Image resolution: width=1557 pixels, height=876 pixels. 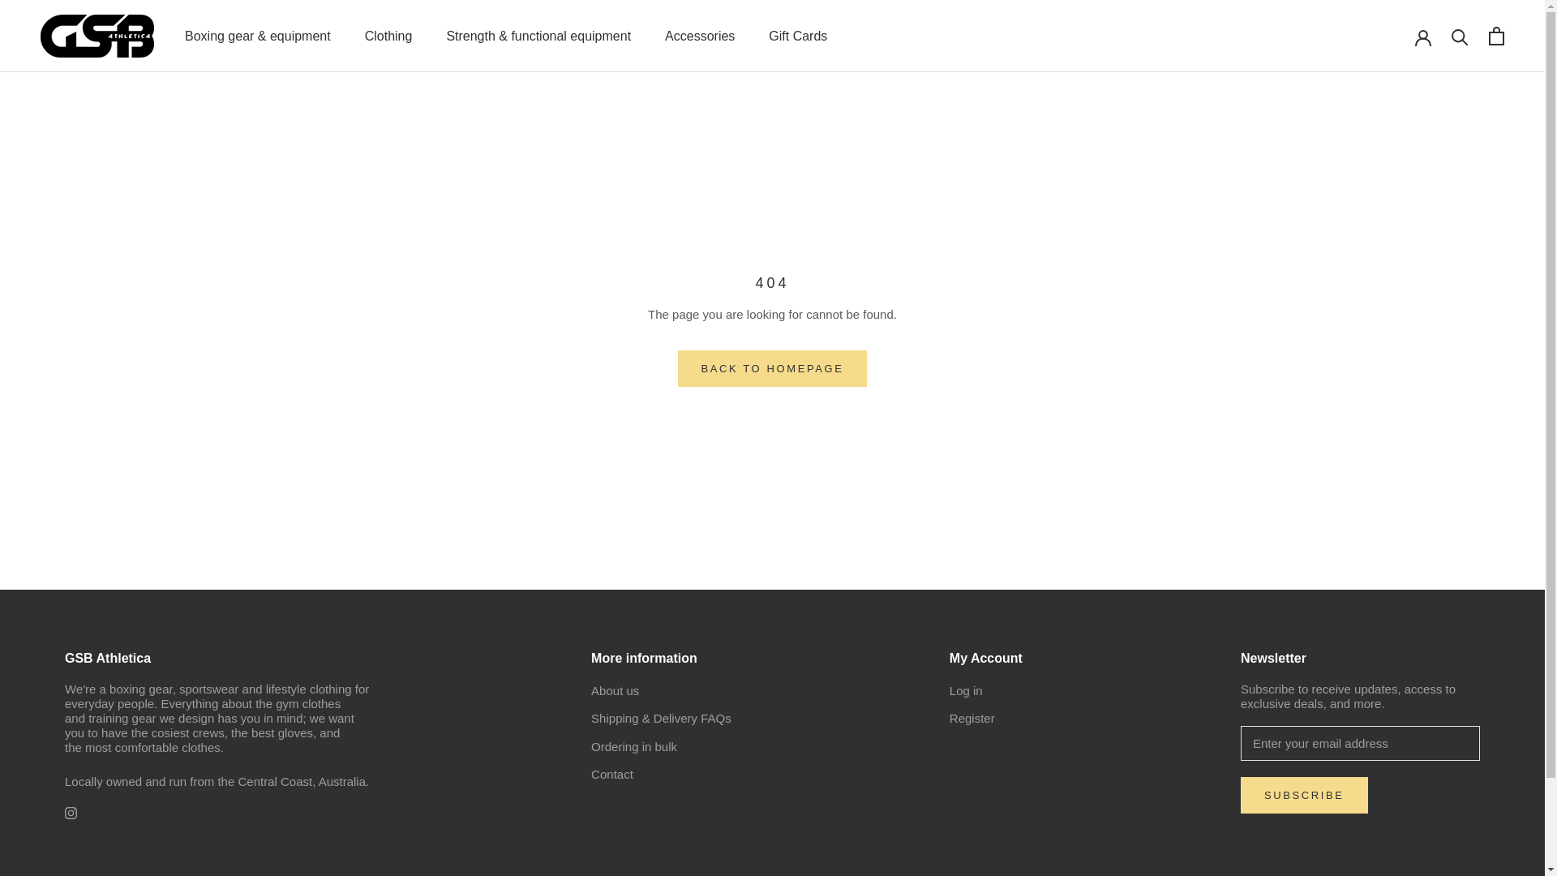 What do you see at coordinates (388, 36) in the screenshot?
I see `'Clothing` at bounding box center [388, 36].